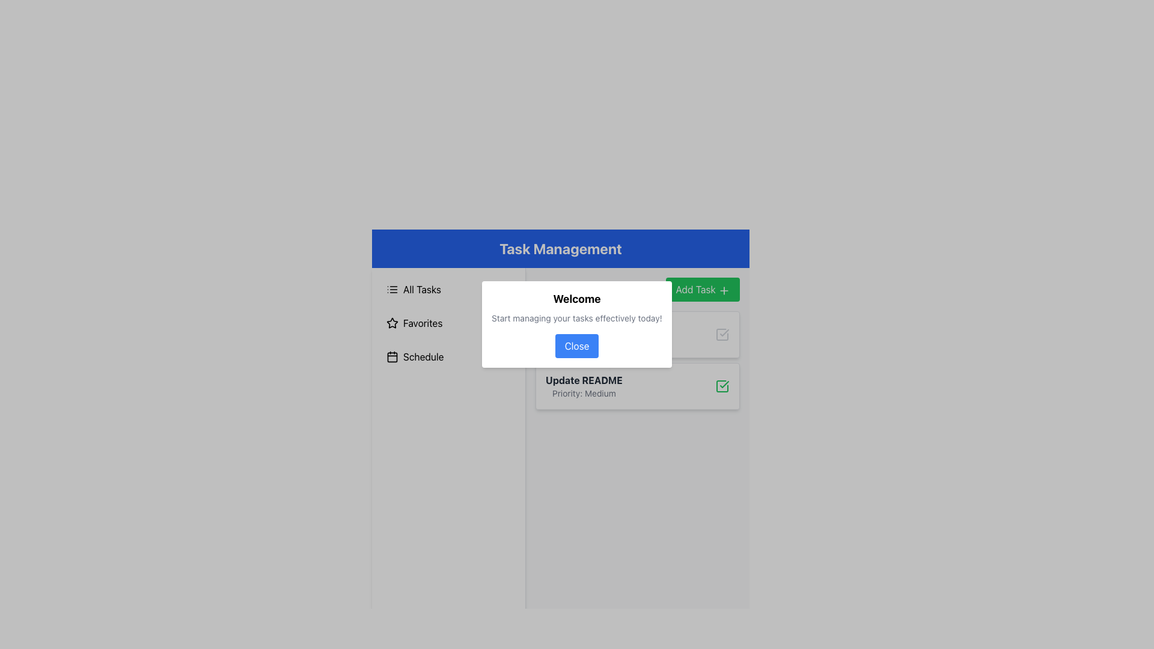 This screenshot has width=1154, height=649. Describe the element at coordinates (392, 322) in the screenshot. I see `the star-shaped icon with a hollow center and black outline in the left sidebar` at that location.